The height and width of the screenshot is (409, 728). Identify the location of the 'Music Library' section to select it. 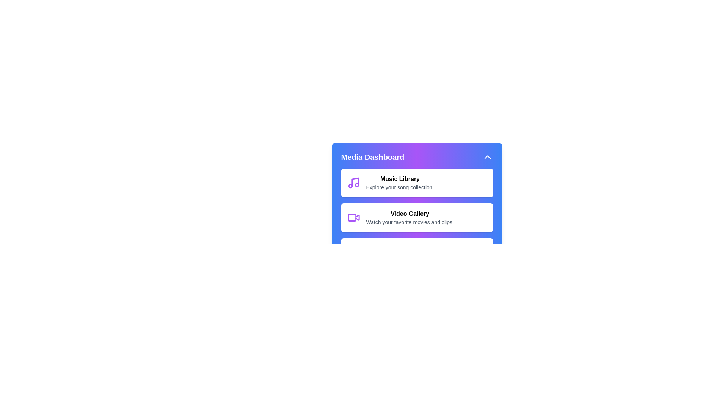
(416, 183).